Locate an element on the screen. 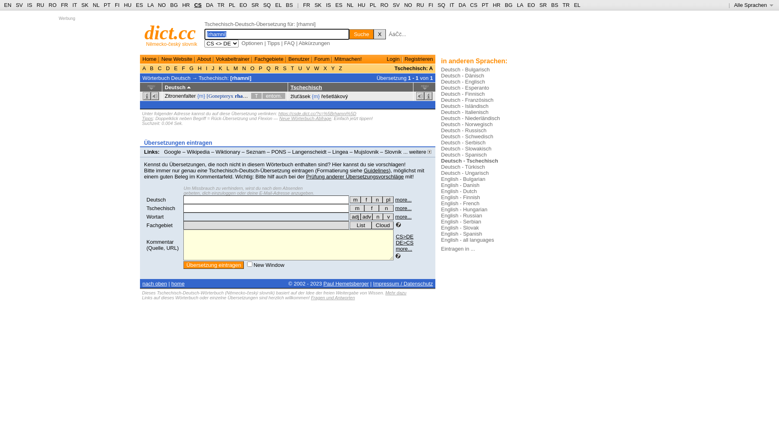 The height and width of the screenshot is (438, 779). 'Deutsch - Italienisch' is located at coordinates (440, 112).